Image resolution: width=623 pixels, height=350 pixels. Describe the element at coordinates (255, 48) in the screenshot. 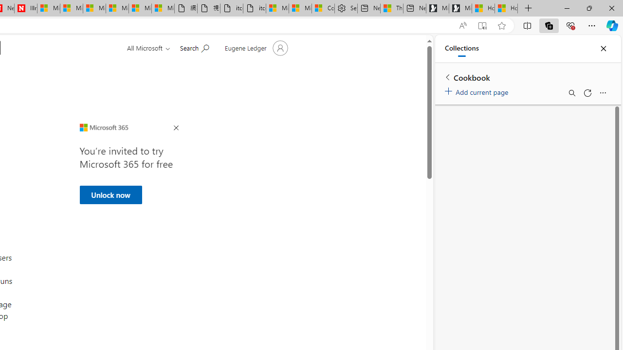

I see `'Account manager for Eugene Ledger'` at that location.